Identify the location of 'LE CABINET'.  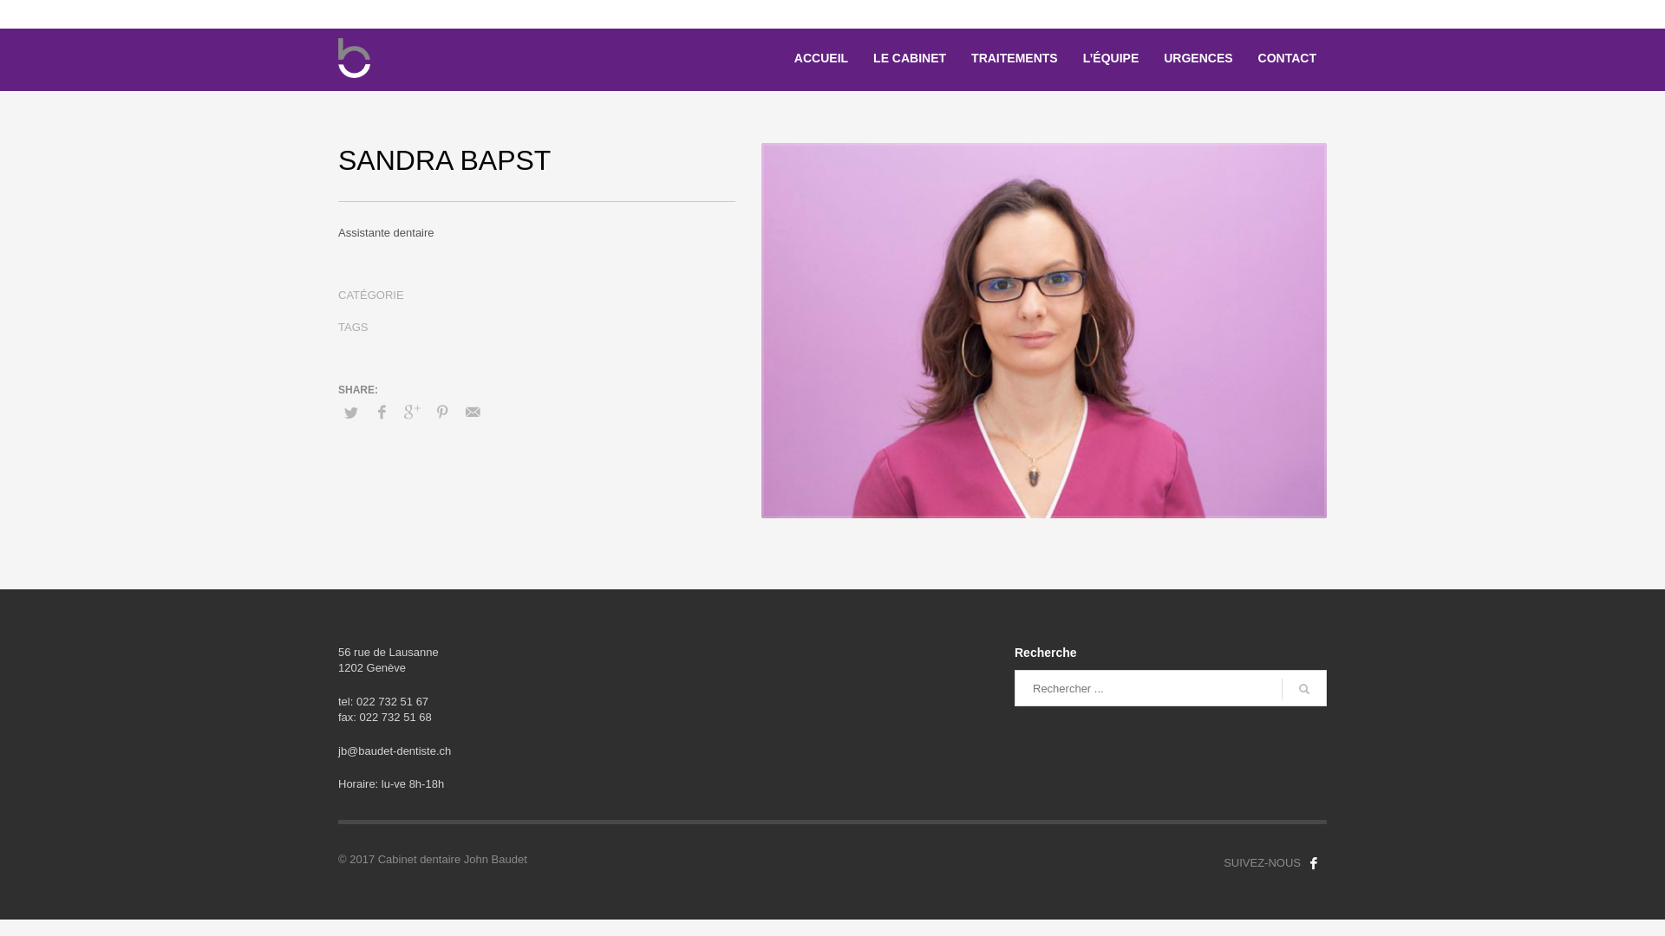
(909, 56).